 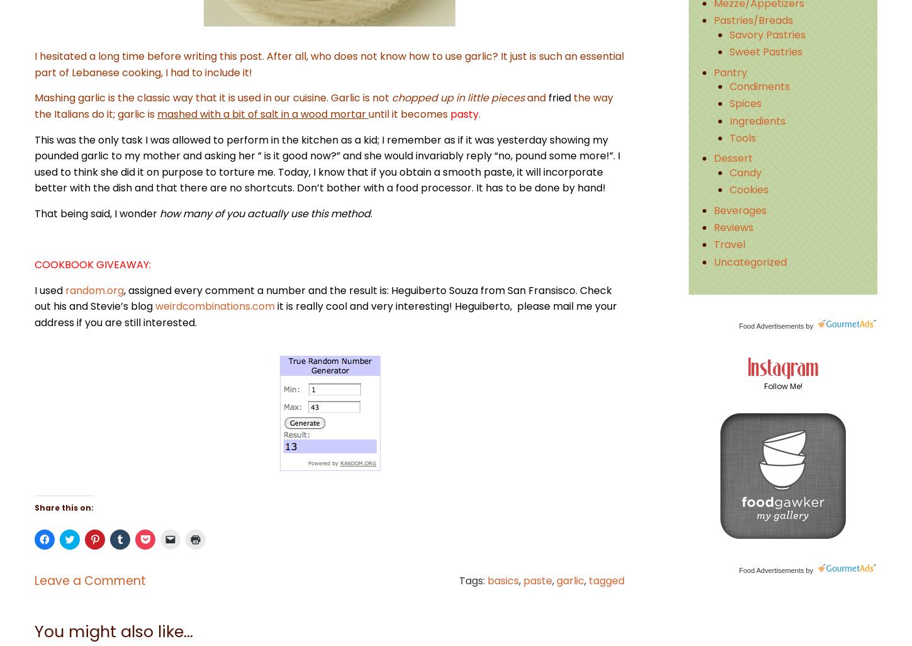 What do you see at coordinates (587, 579) in the screenshot?
I see `'tagged'` at bounding box center [587, 579].